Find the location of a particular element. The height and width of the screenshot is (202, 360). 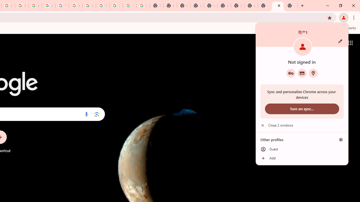

'New Tab' is located at coordinates (291, 6).